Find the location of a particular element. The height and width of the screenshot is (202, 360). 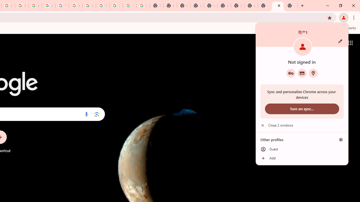

'New Tab' is located at coordinates (291, 6).